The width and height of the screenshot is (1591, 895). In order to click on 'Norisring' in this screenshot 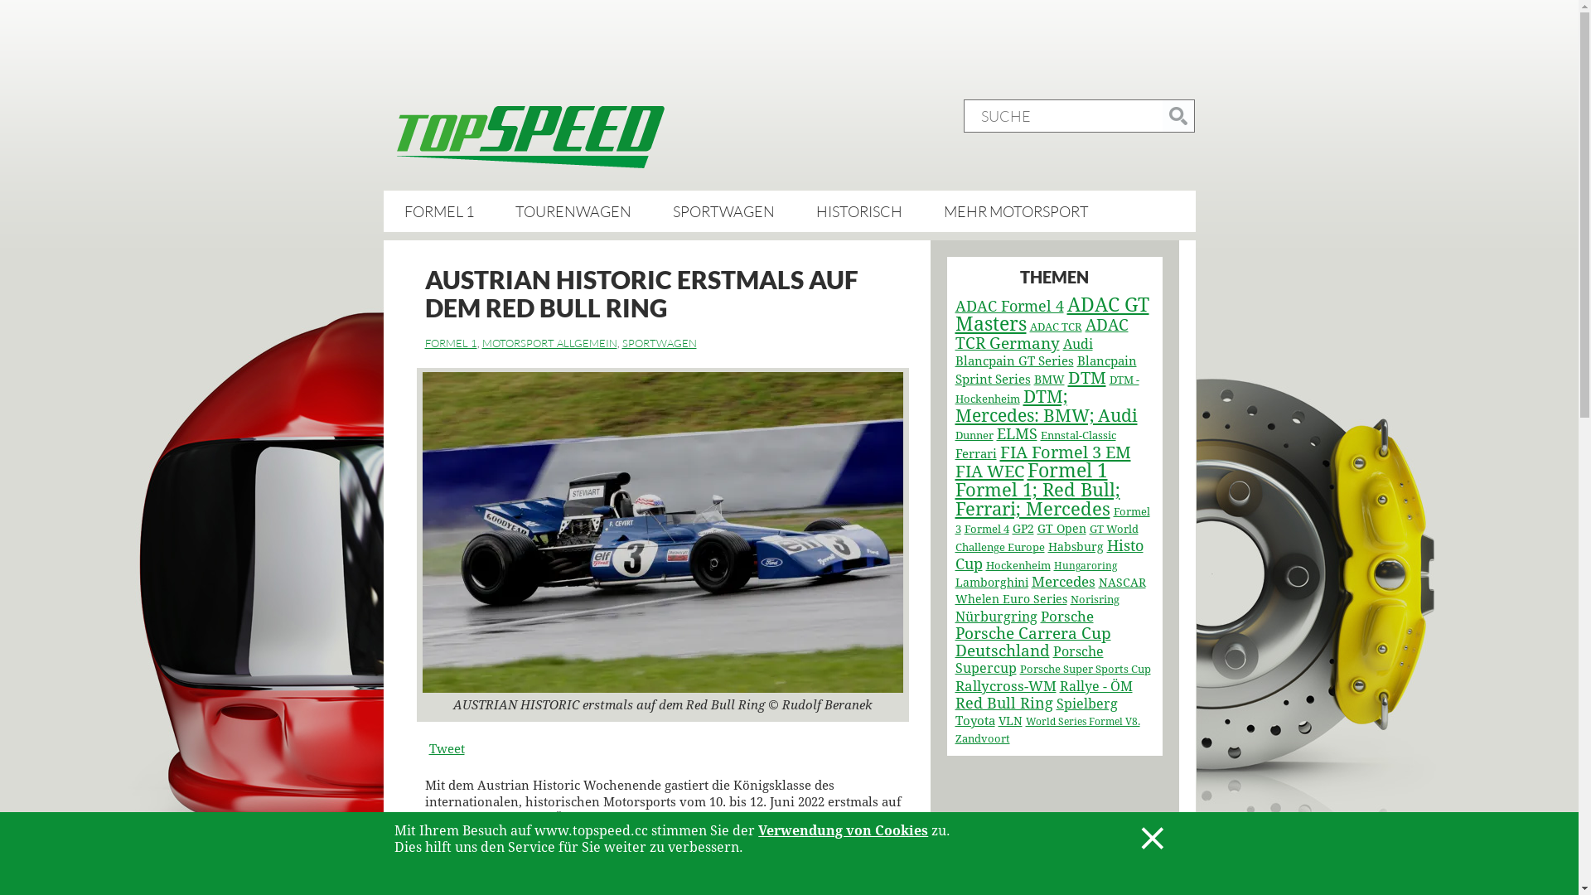, I will do `click(1070, 599)`.